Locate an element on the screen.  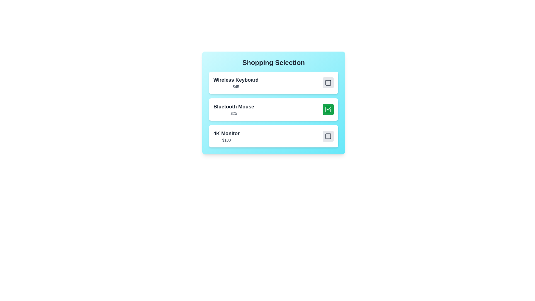
the bold heading labeled 'Shopping Selection' that is prominently displayed in dark gray on a light cyan gradient background is located at coordinates (274, 62).